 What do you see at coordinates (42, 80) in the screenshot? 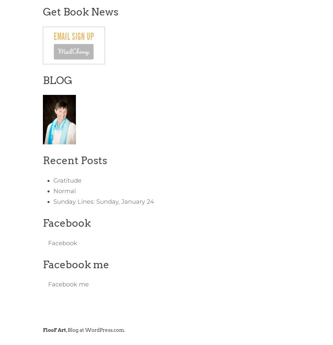
I see `'BLOG'` at bounding box center [42, 80].